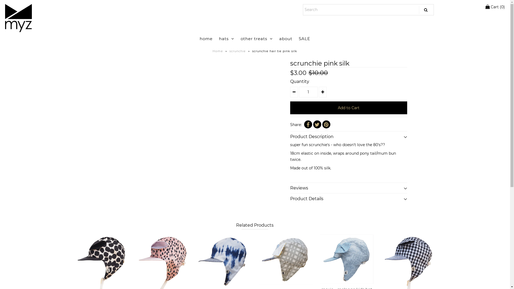 The image size is (514, 289). Describe the element at coordinates (256, 39) in the screenshot. I see `'other treats'` at that location.